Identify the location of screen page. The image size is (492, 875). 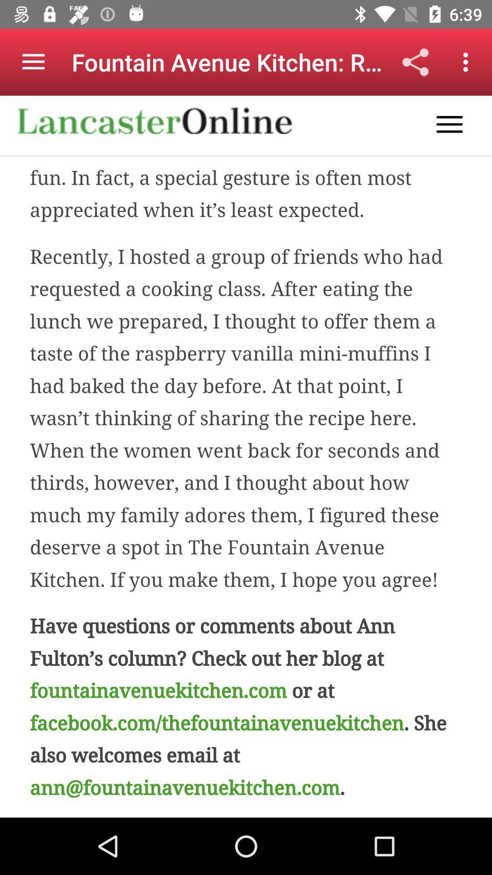
(246, 457).